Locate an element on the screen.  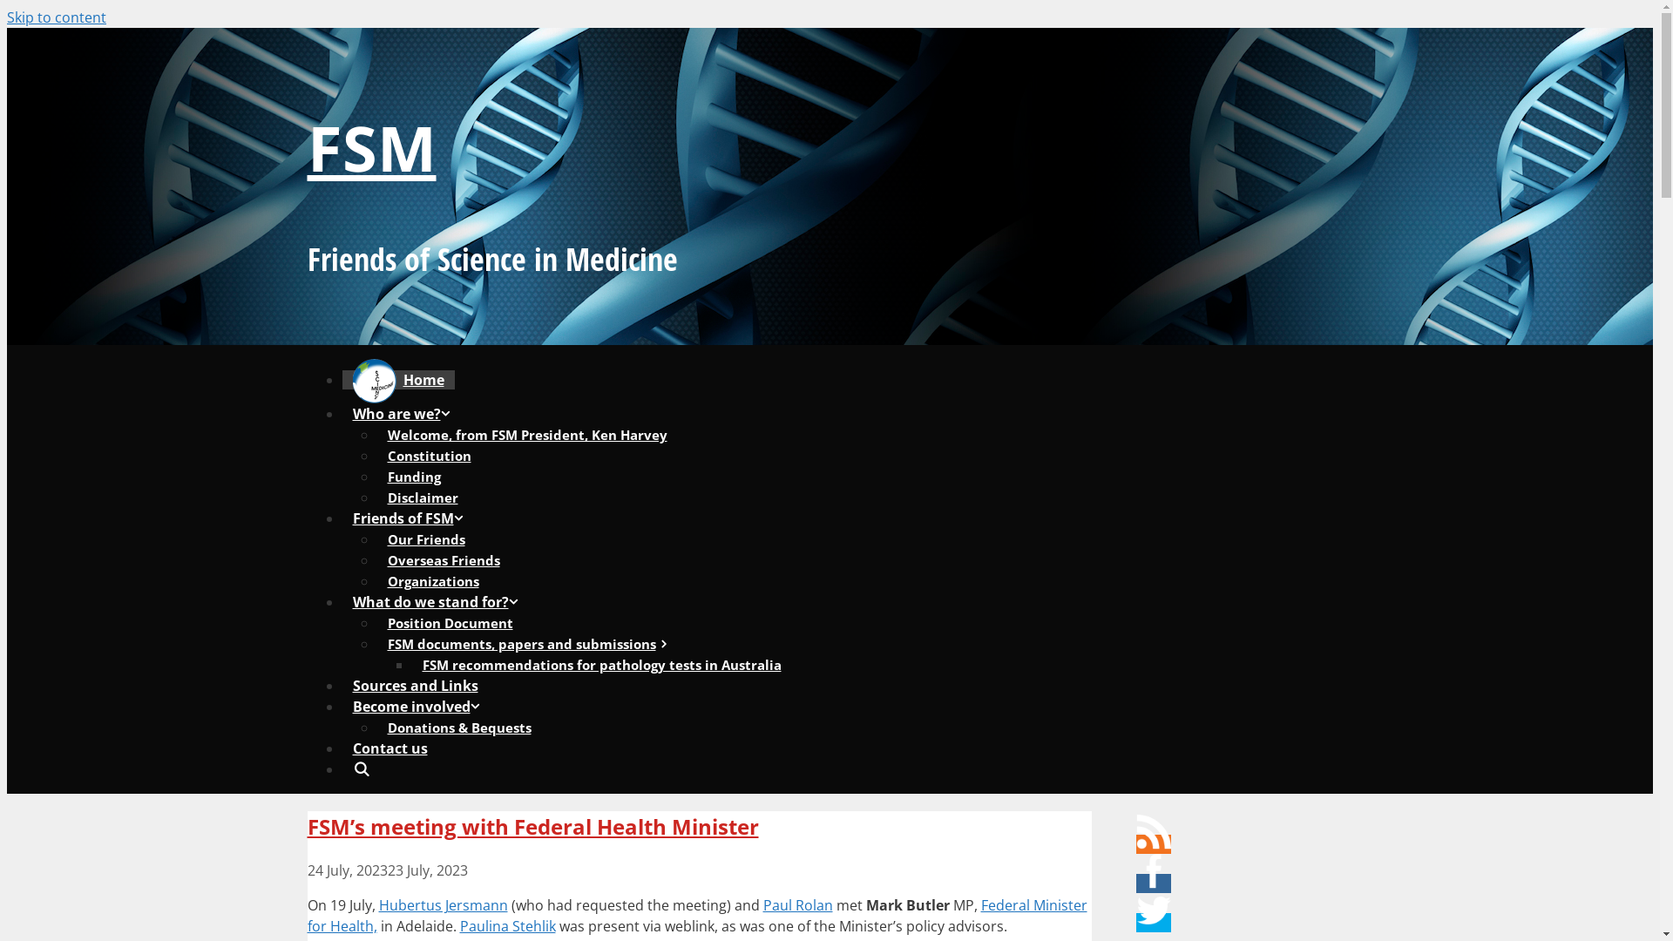
'Disclaimer' is located at coordinates (422, 497).